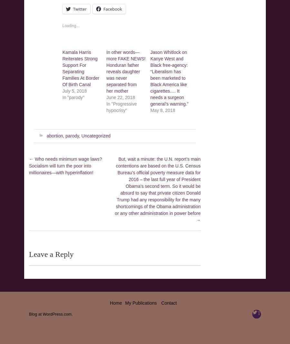 This screenshot has height=344, width=290. I want to click on 'Uncategorized', so click(95, 136).